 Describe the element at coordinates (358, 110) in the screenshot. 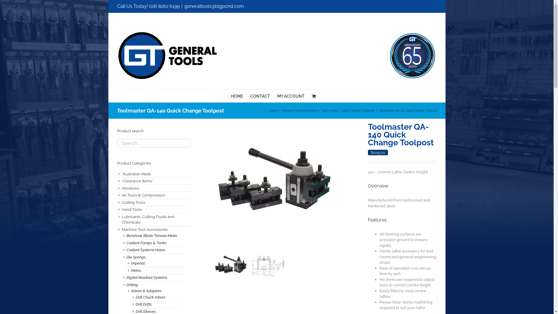

I see `'Quick Change Toolposts'` at that location.